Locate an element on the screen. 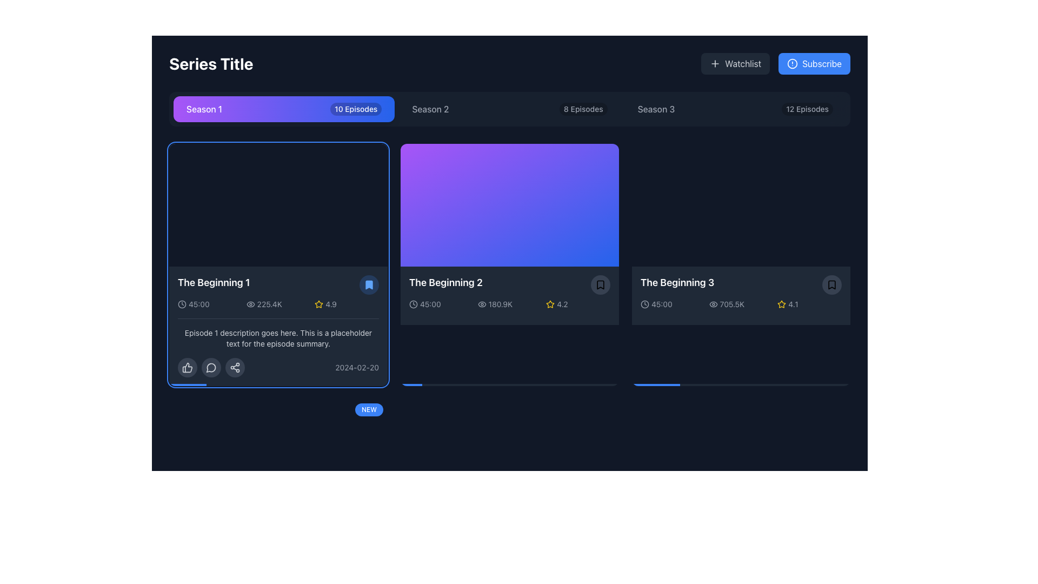  the text label displaying '705.5K' located within the third episode card, to the right of the eye icon and aligned with the star rating is located at coordinates (732, 304).